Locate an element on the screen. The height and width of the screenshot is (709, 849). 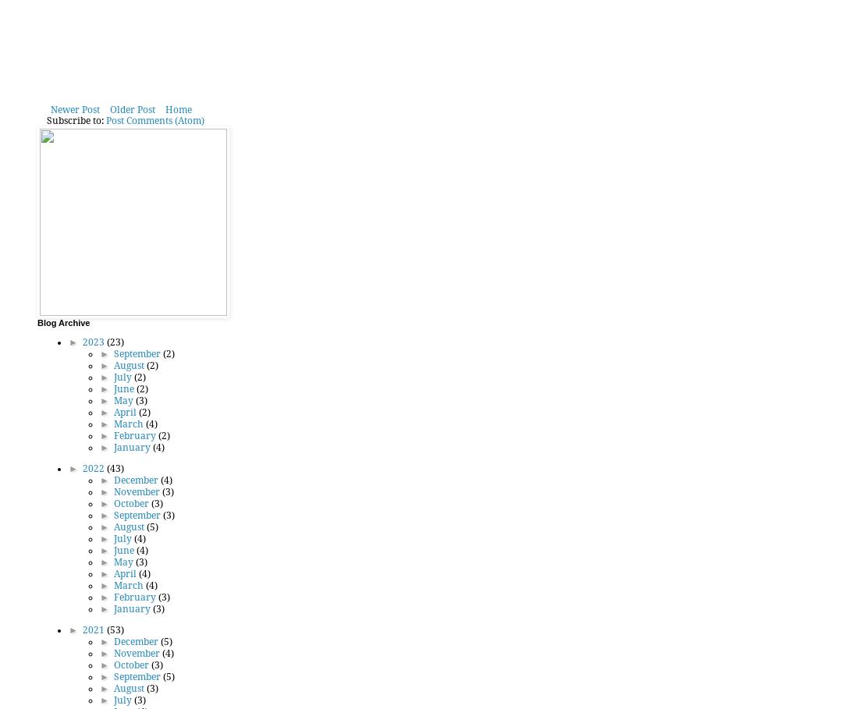
'Blog Archive' is located at coordinates (63, 322).